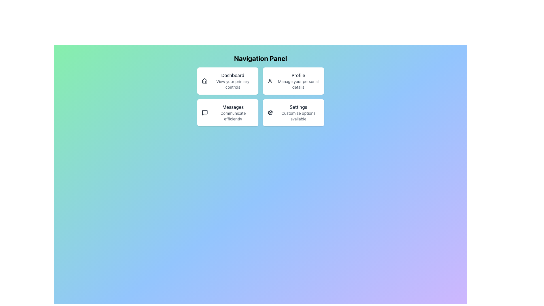 Image resolution: width=544 pixels, height=306 pixels. What do you see at coordinates (233, 81) in the screenshot?
I see `the 'Dashboard' text label with description to focus on it, which is part of the top-left card in the navigation panel` at bounding box center [233, 81].